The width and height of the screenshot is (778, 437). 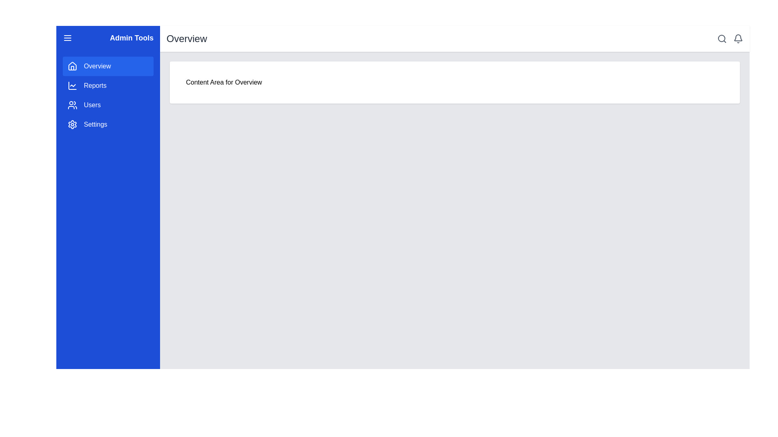 I want to click on heading text located at the top-center of the header section, which indicates the current page or section, so click(x=186, y=39).